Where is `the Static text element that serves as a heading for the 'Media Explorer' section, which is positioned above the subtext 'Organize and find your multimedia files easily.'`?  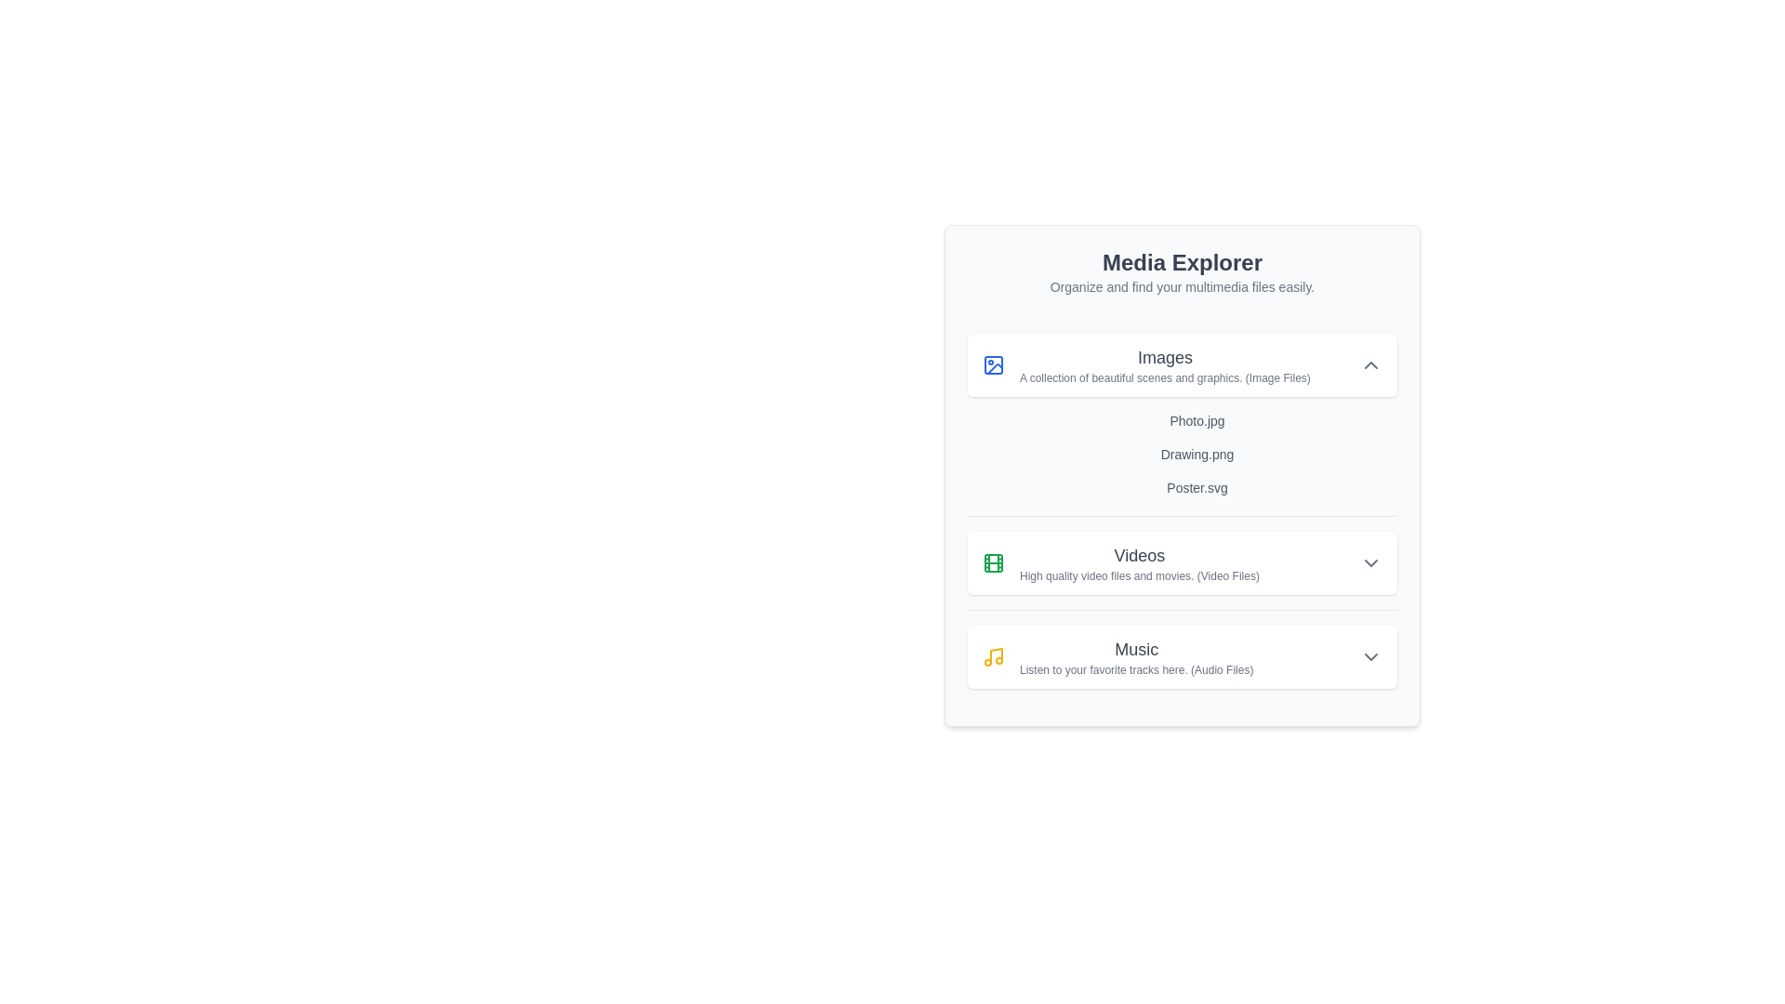
the Static text element that serves as a heading for the 'Media Explorer' section, which is positioned above the subtext 'Organize and find your multimedia files easily.' is located at coordinates (1182, 262).